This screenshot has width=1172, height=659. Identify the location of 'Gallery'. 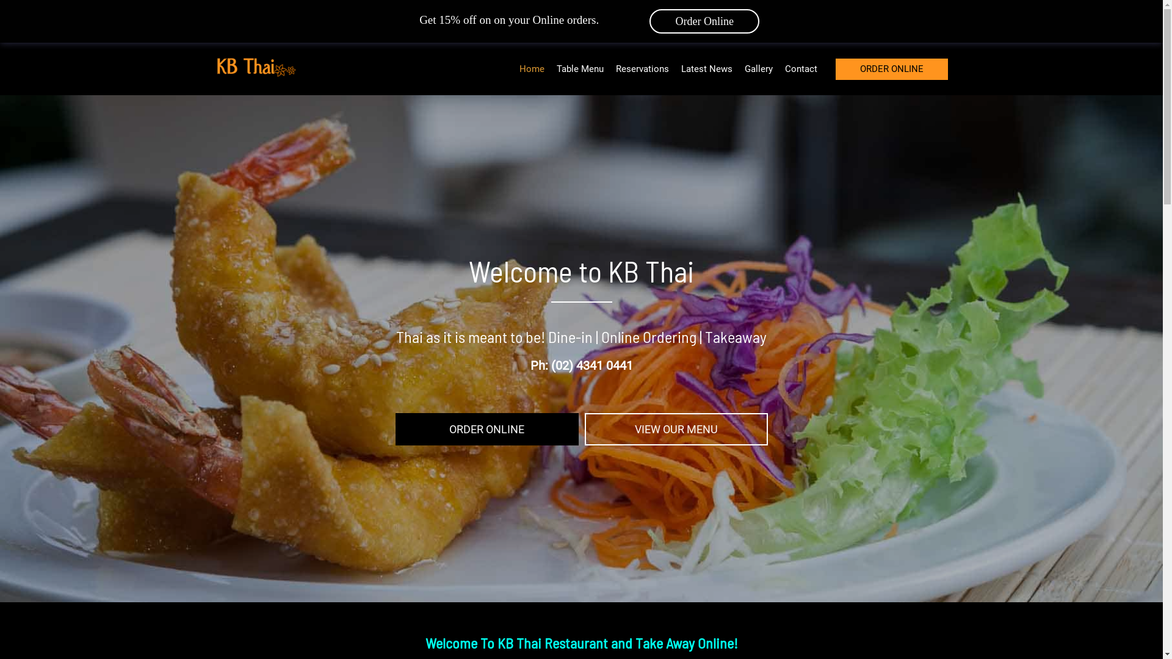
(758, 68).